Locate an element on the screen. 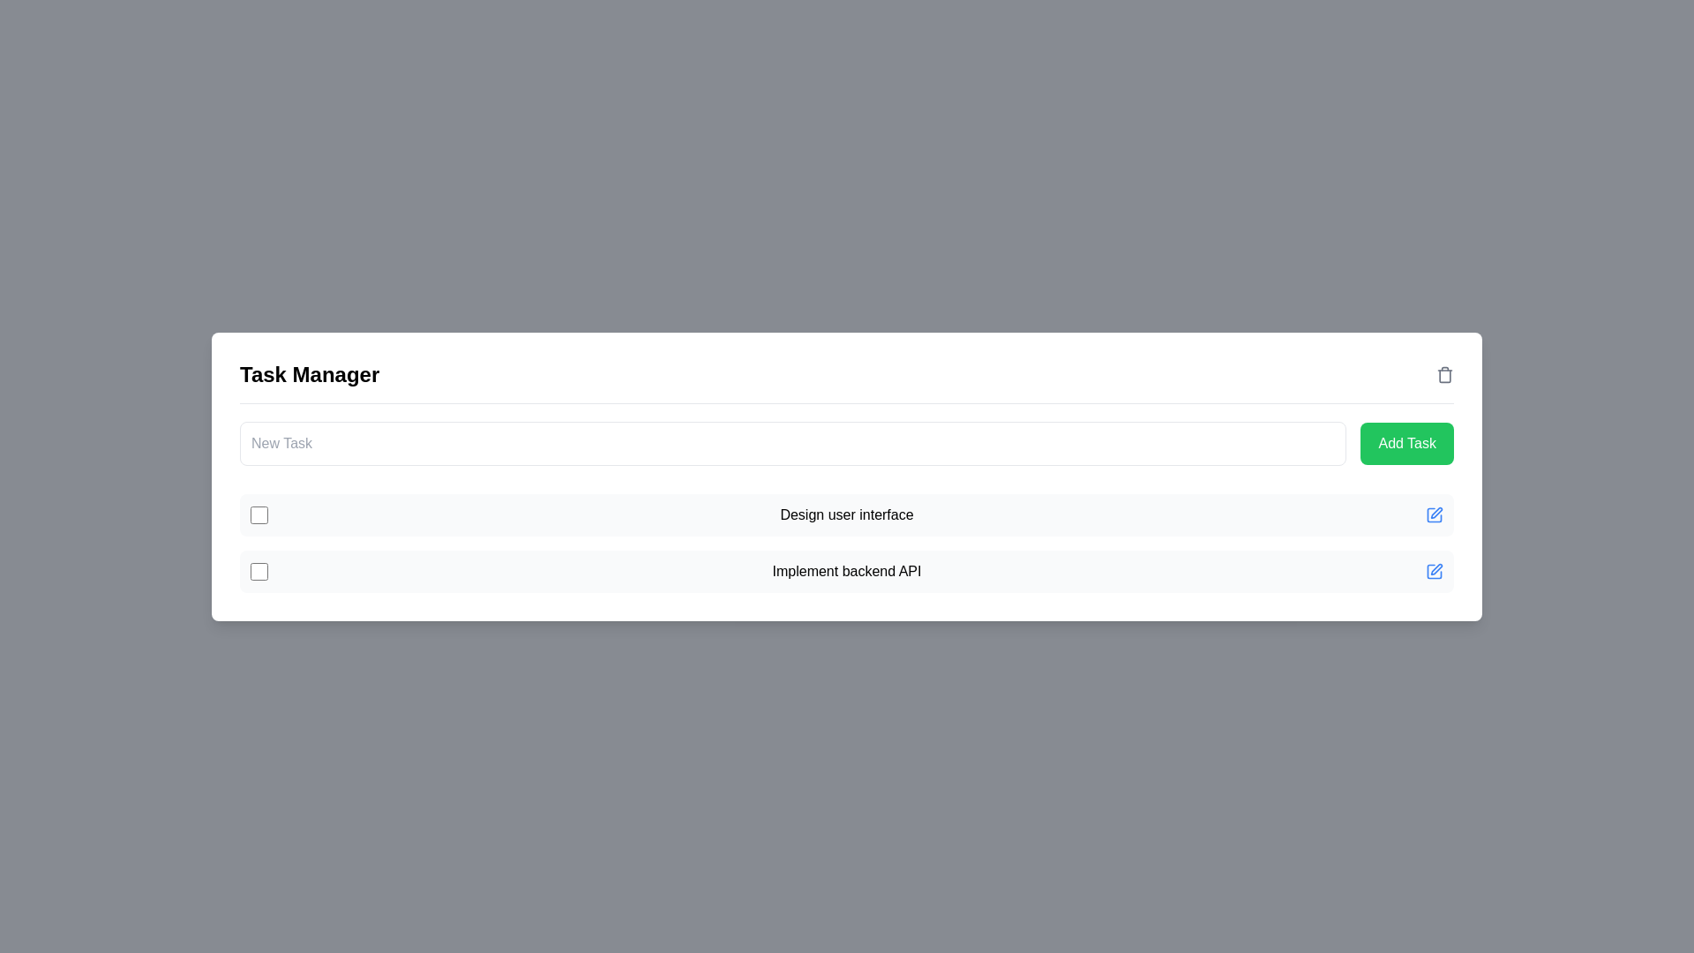  the button located on the right-hand side of the task input field is located at coordinates (1406, 442).